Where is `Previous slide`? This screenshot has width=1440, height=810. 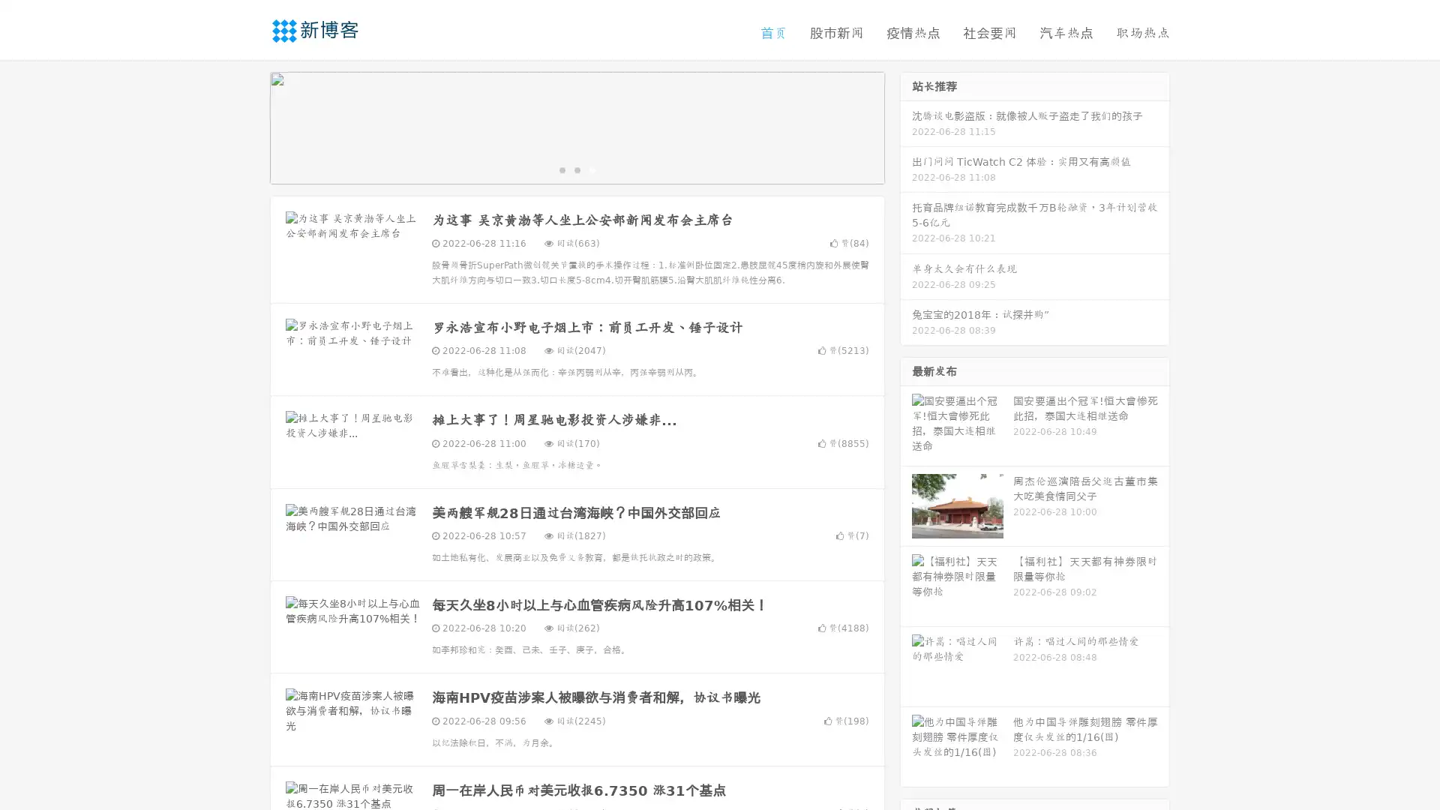 Previous slide is located at coordinates (247, 126).